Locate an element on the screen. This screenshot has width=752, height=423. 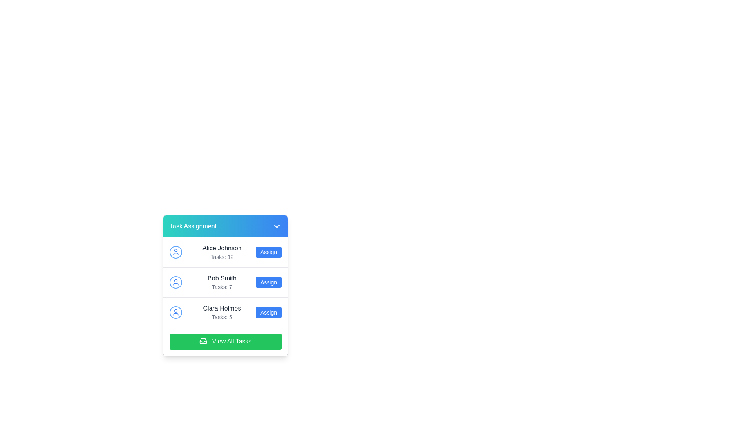
the button at the bottom of the task assignment panel is located at coordinates (225, 341).